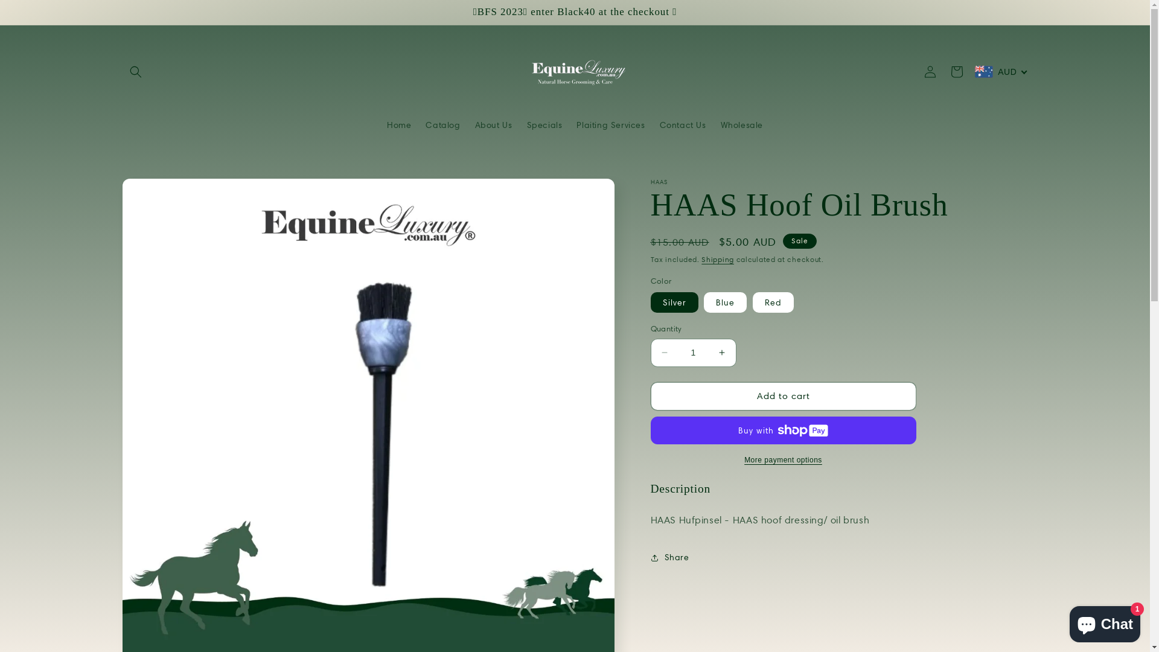 The image size is (1159, 652). I want to click on 'More payment options', so click(783, 460).